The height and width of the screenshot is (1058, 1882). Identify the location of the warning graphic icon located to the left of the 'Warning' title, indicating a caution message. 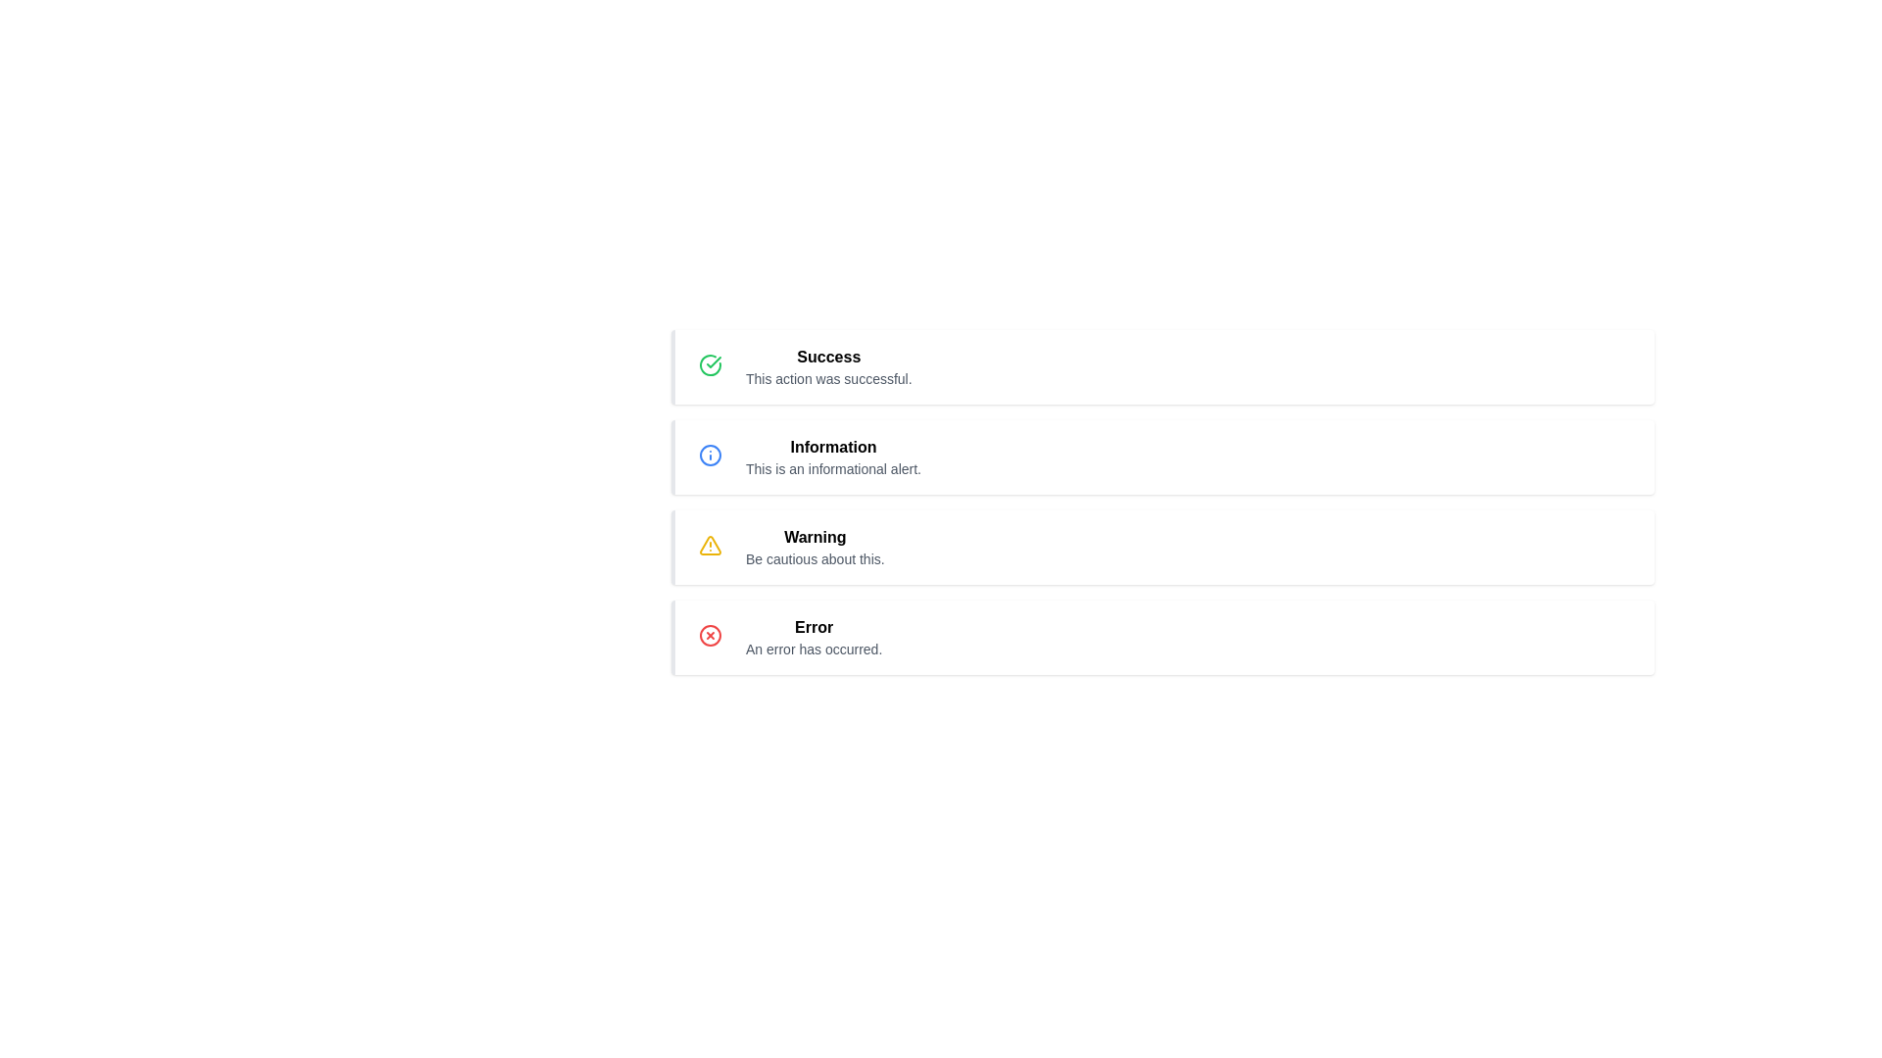
(709, 545).